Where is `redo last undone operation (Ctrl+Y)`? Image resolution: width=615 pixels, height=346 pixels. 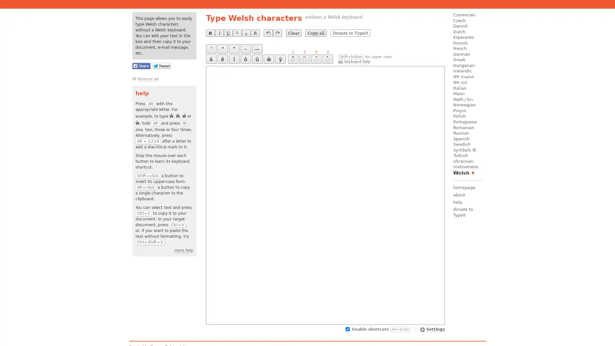 redo last undone operation (Ctrl+Y) is located at coordinates (277, 33).